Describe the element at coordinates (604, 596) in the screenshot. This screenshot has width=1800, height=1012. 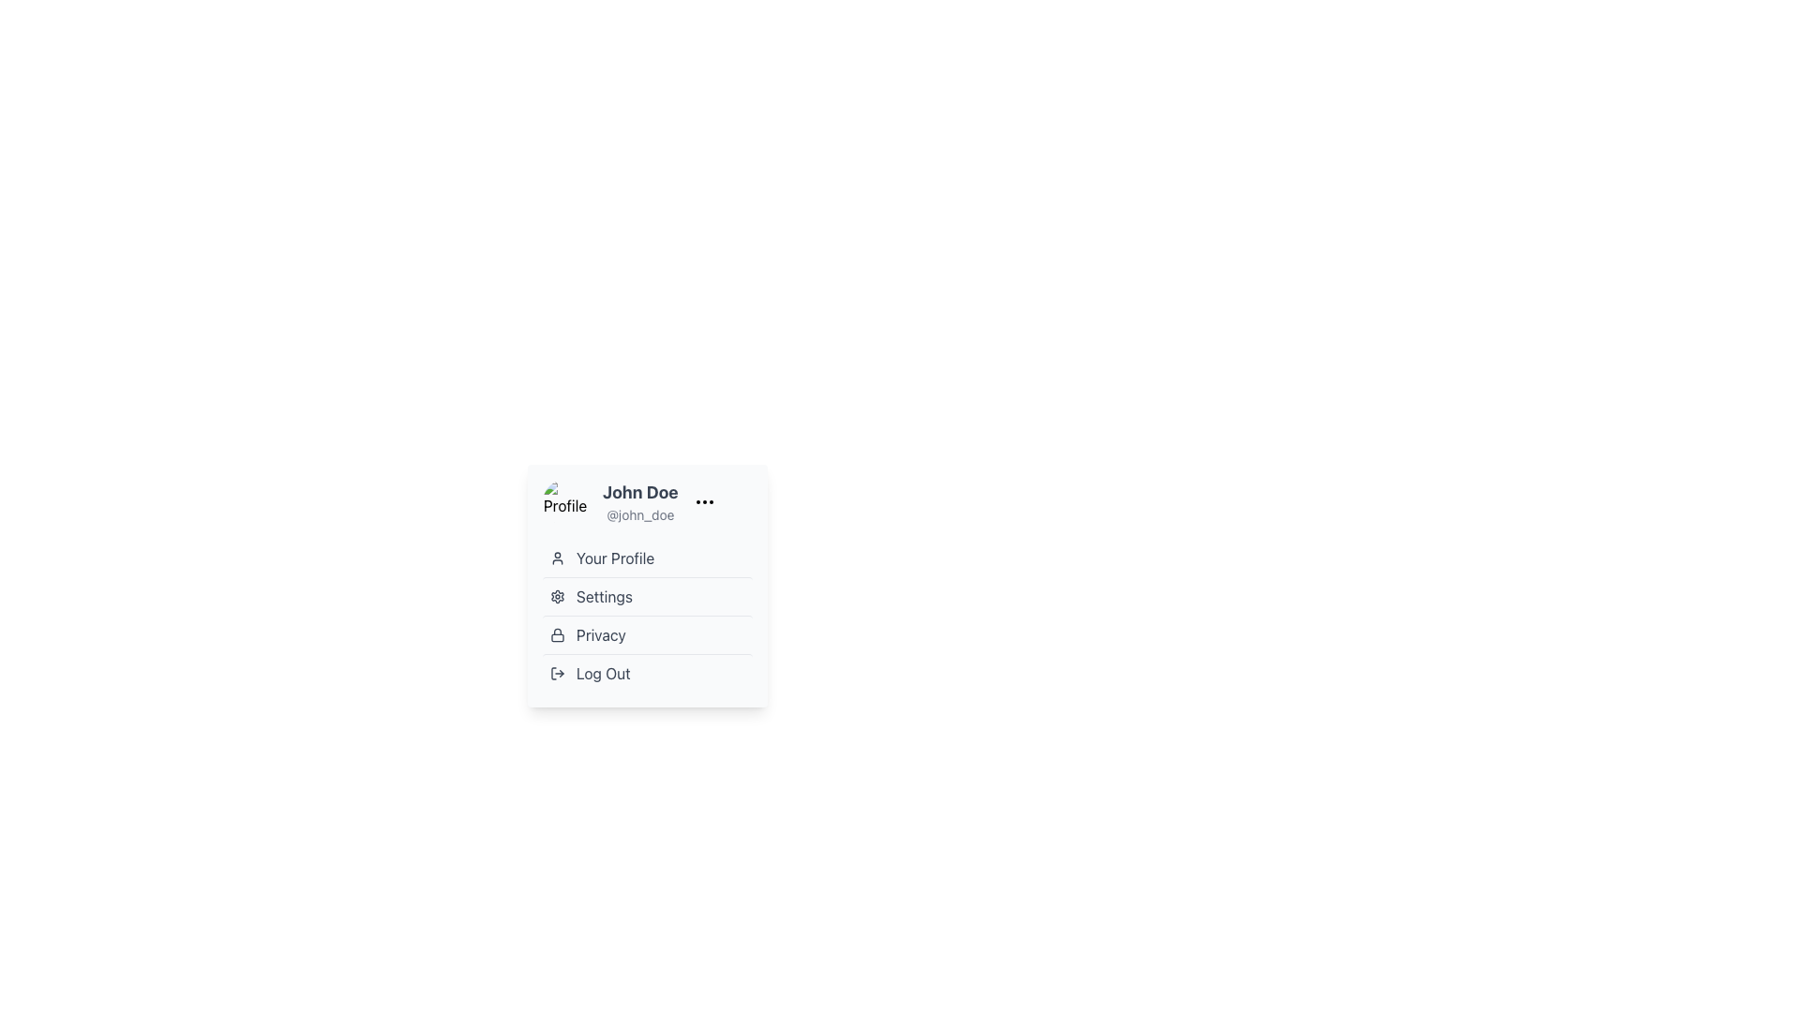
I see `the settings label located in the dropdown menu under the user profile section` at that location.